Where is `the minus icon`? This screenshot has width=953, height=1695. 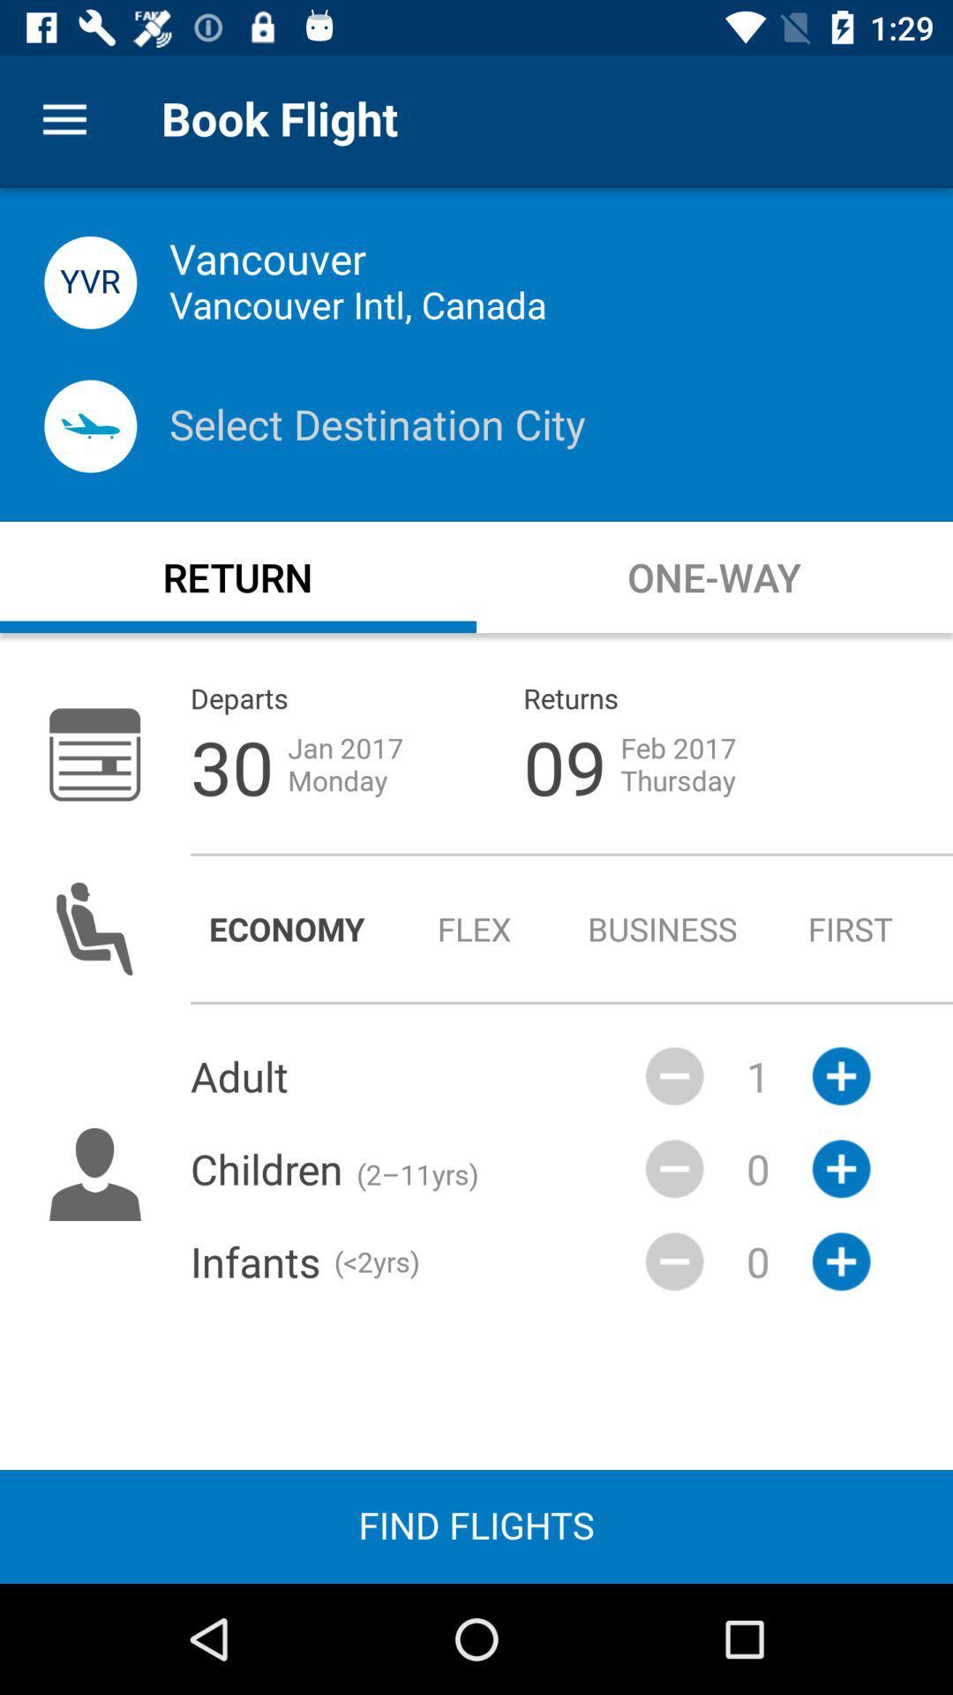 the minus icon is located at coordinates (674, 1261).